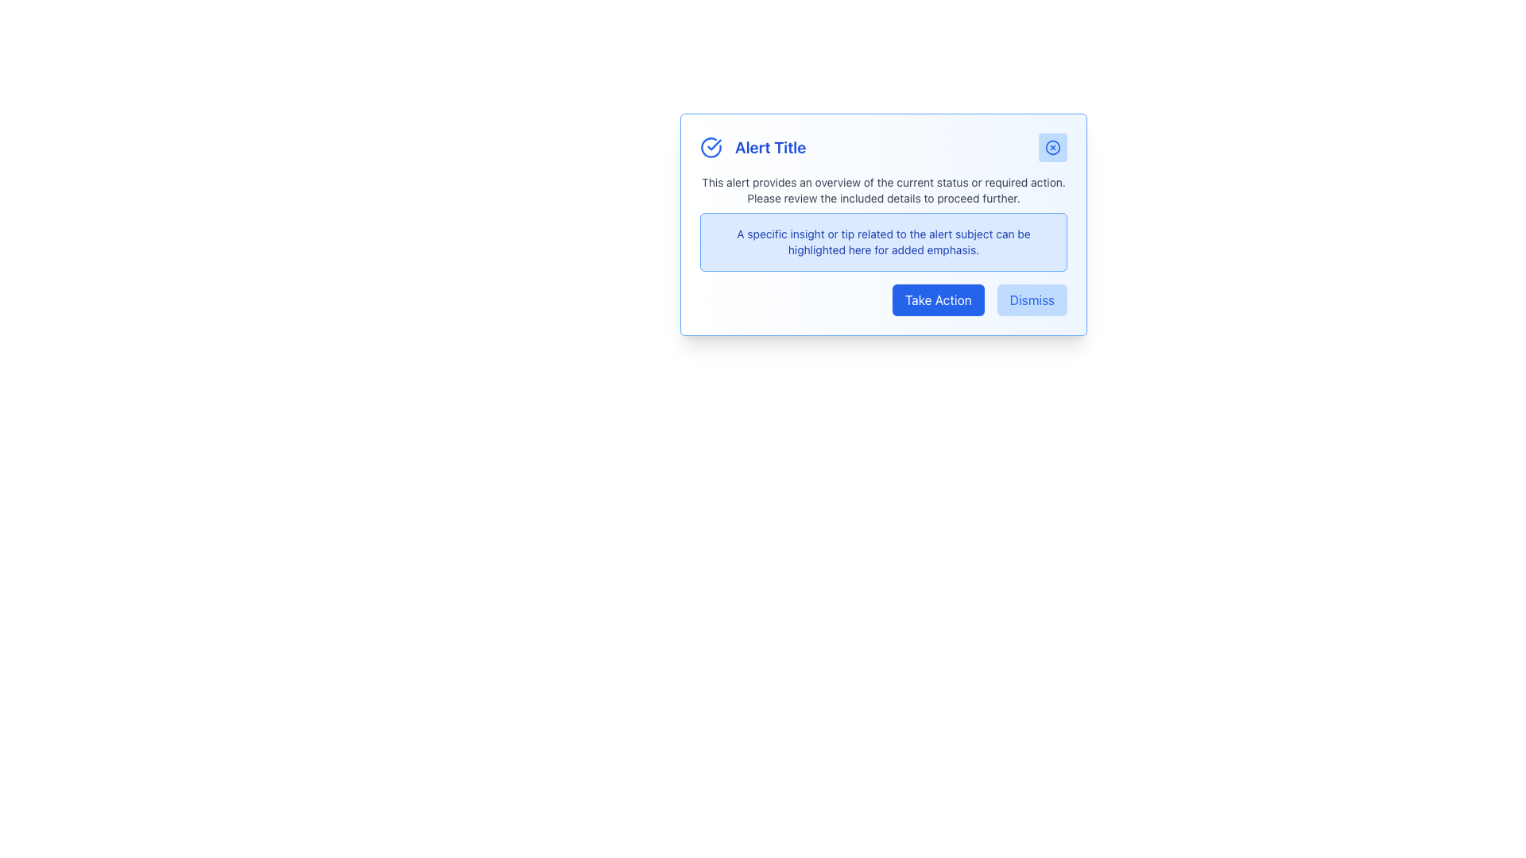 This screenshot has width=1526, height=858. What do you see at coordinates (770, 147) in the screenshot?
I see `the text label that serves as the heading for the alert panel, positioned to the right of a checkmark icon in the top-left corner of the dialog box` at bounding box center [770, 147].